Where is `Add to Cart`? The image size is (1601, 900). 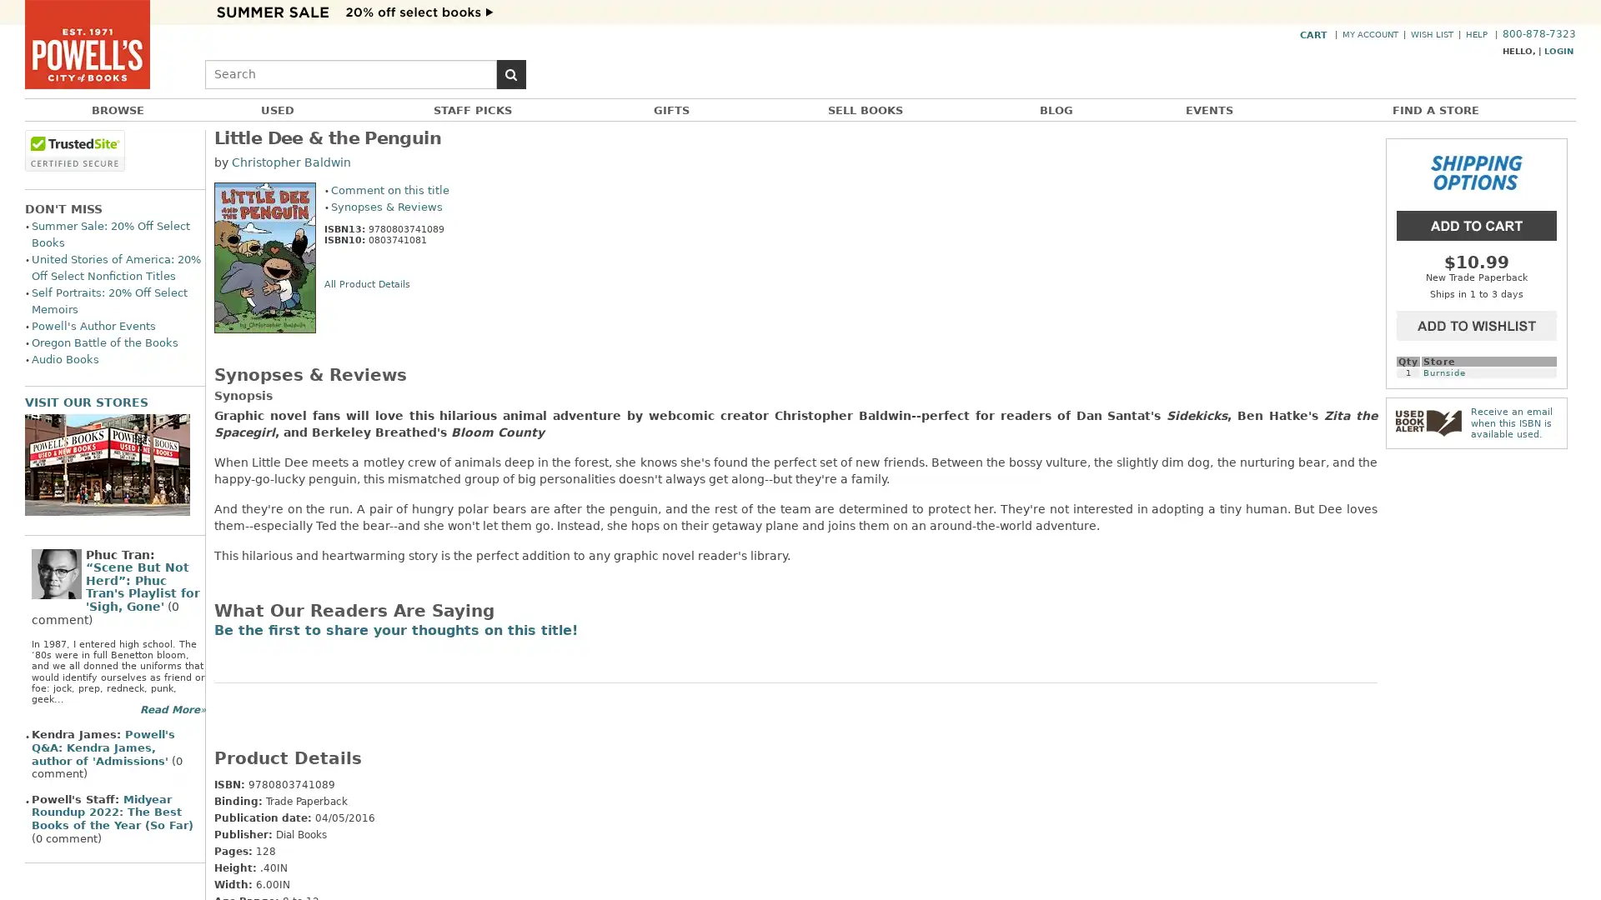 Add to Cart is located at coordinates (1477, 223).